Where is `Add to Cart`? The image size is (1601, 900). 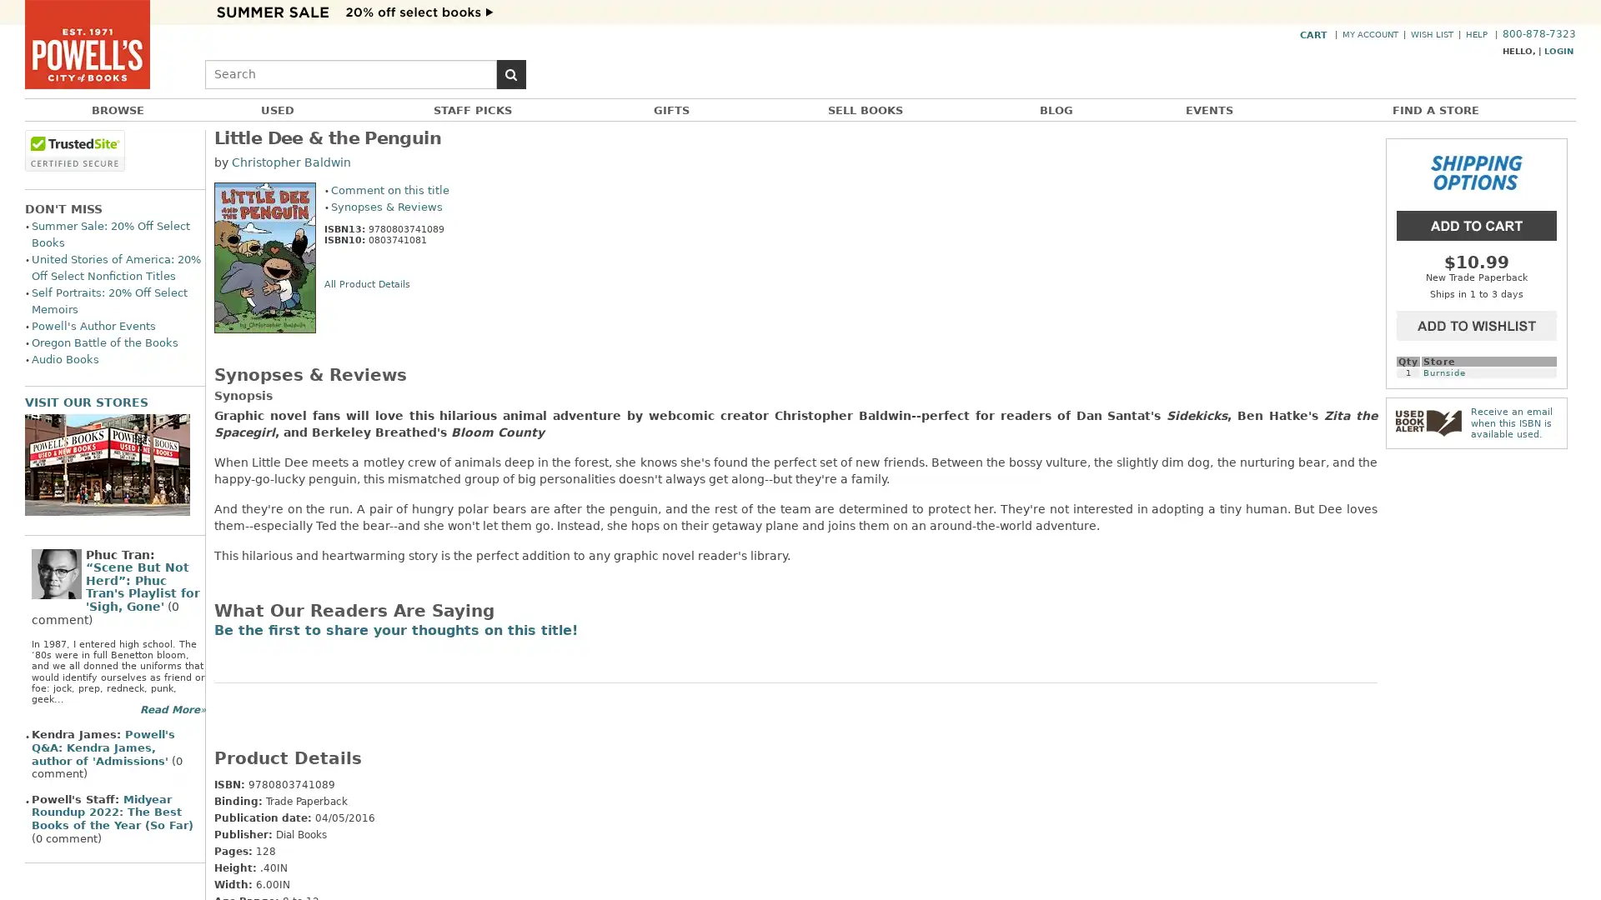 Add to Cart is located at coordinates (1477, 223).